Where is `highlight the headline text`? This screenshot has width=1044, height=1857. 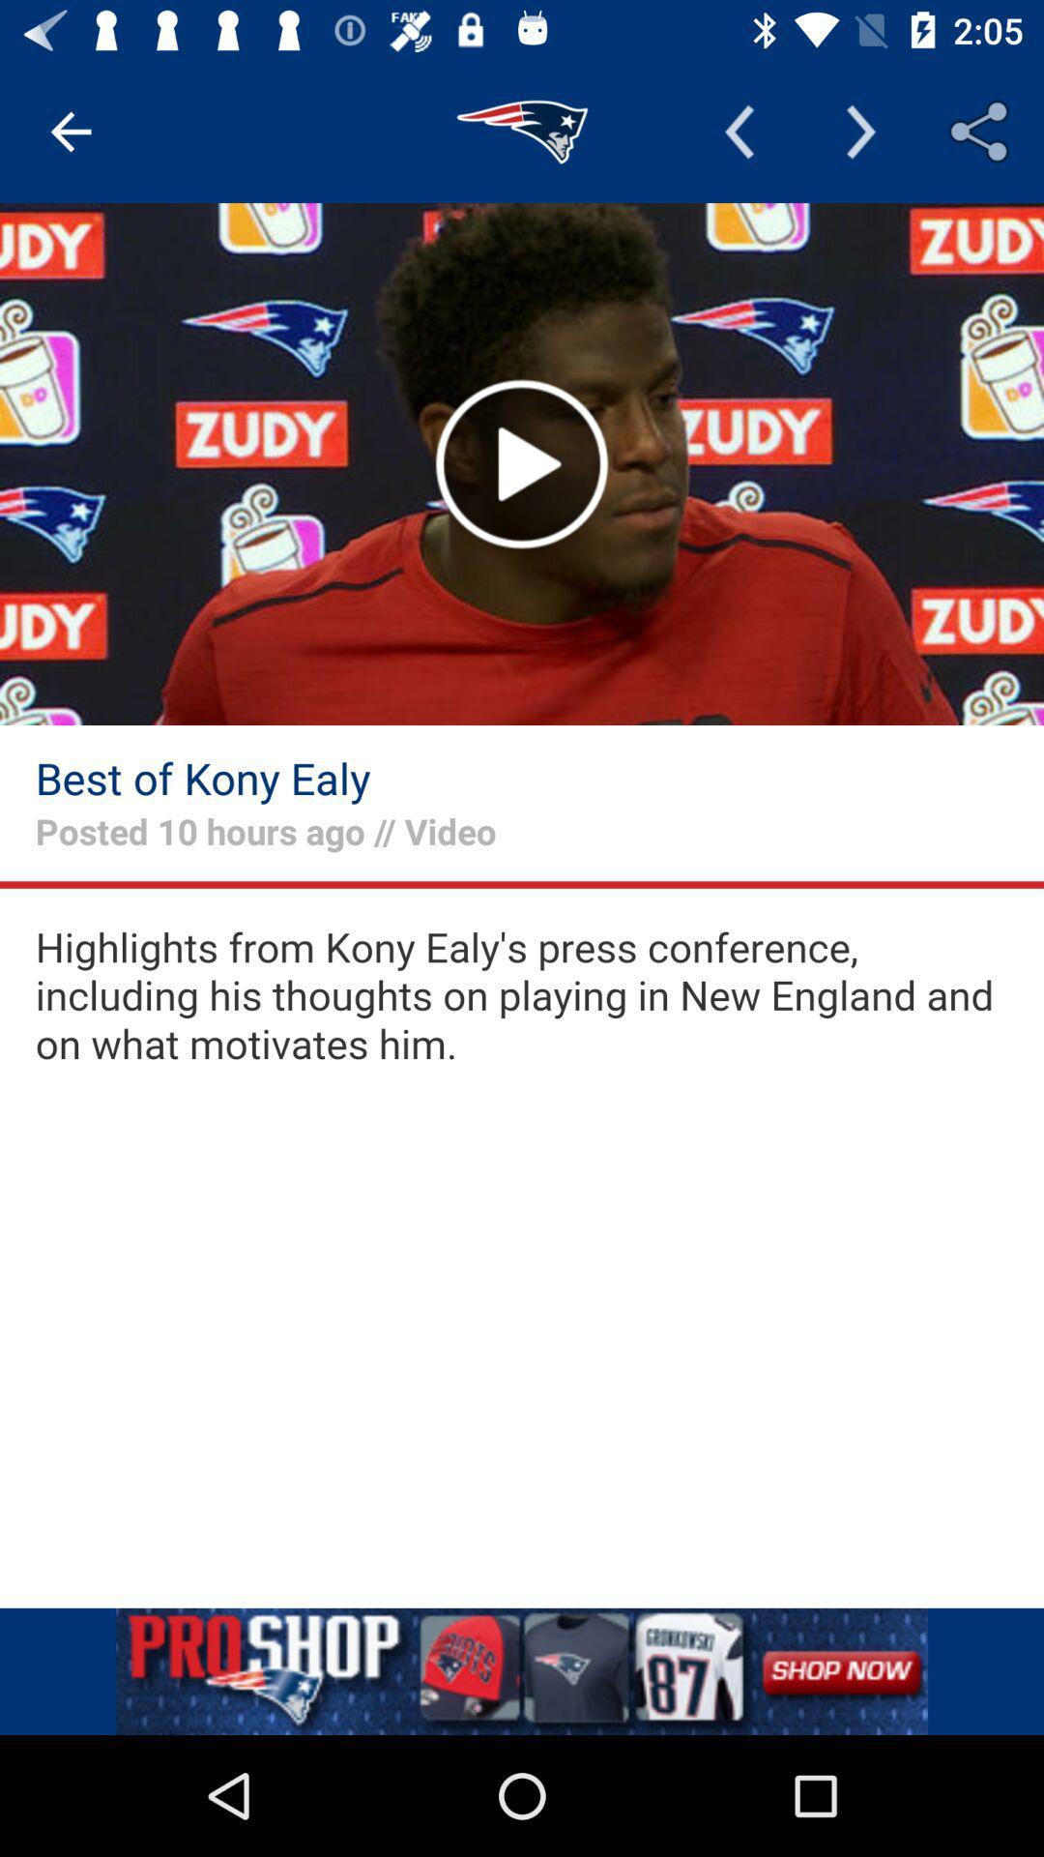
highlight the headline text is located at coordinates (522, 996).